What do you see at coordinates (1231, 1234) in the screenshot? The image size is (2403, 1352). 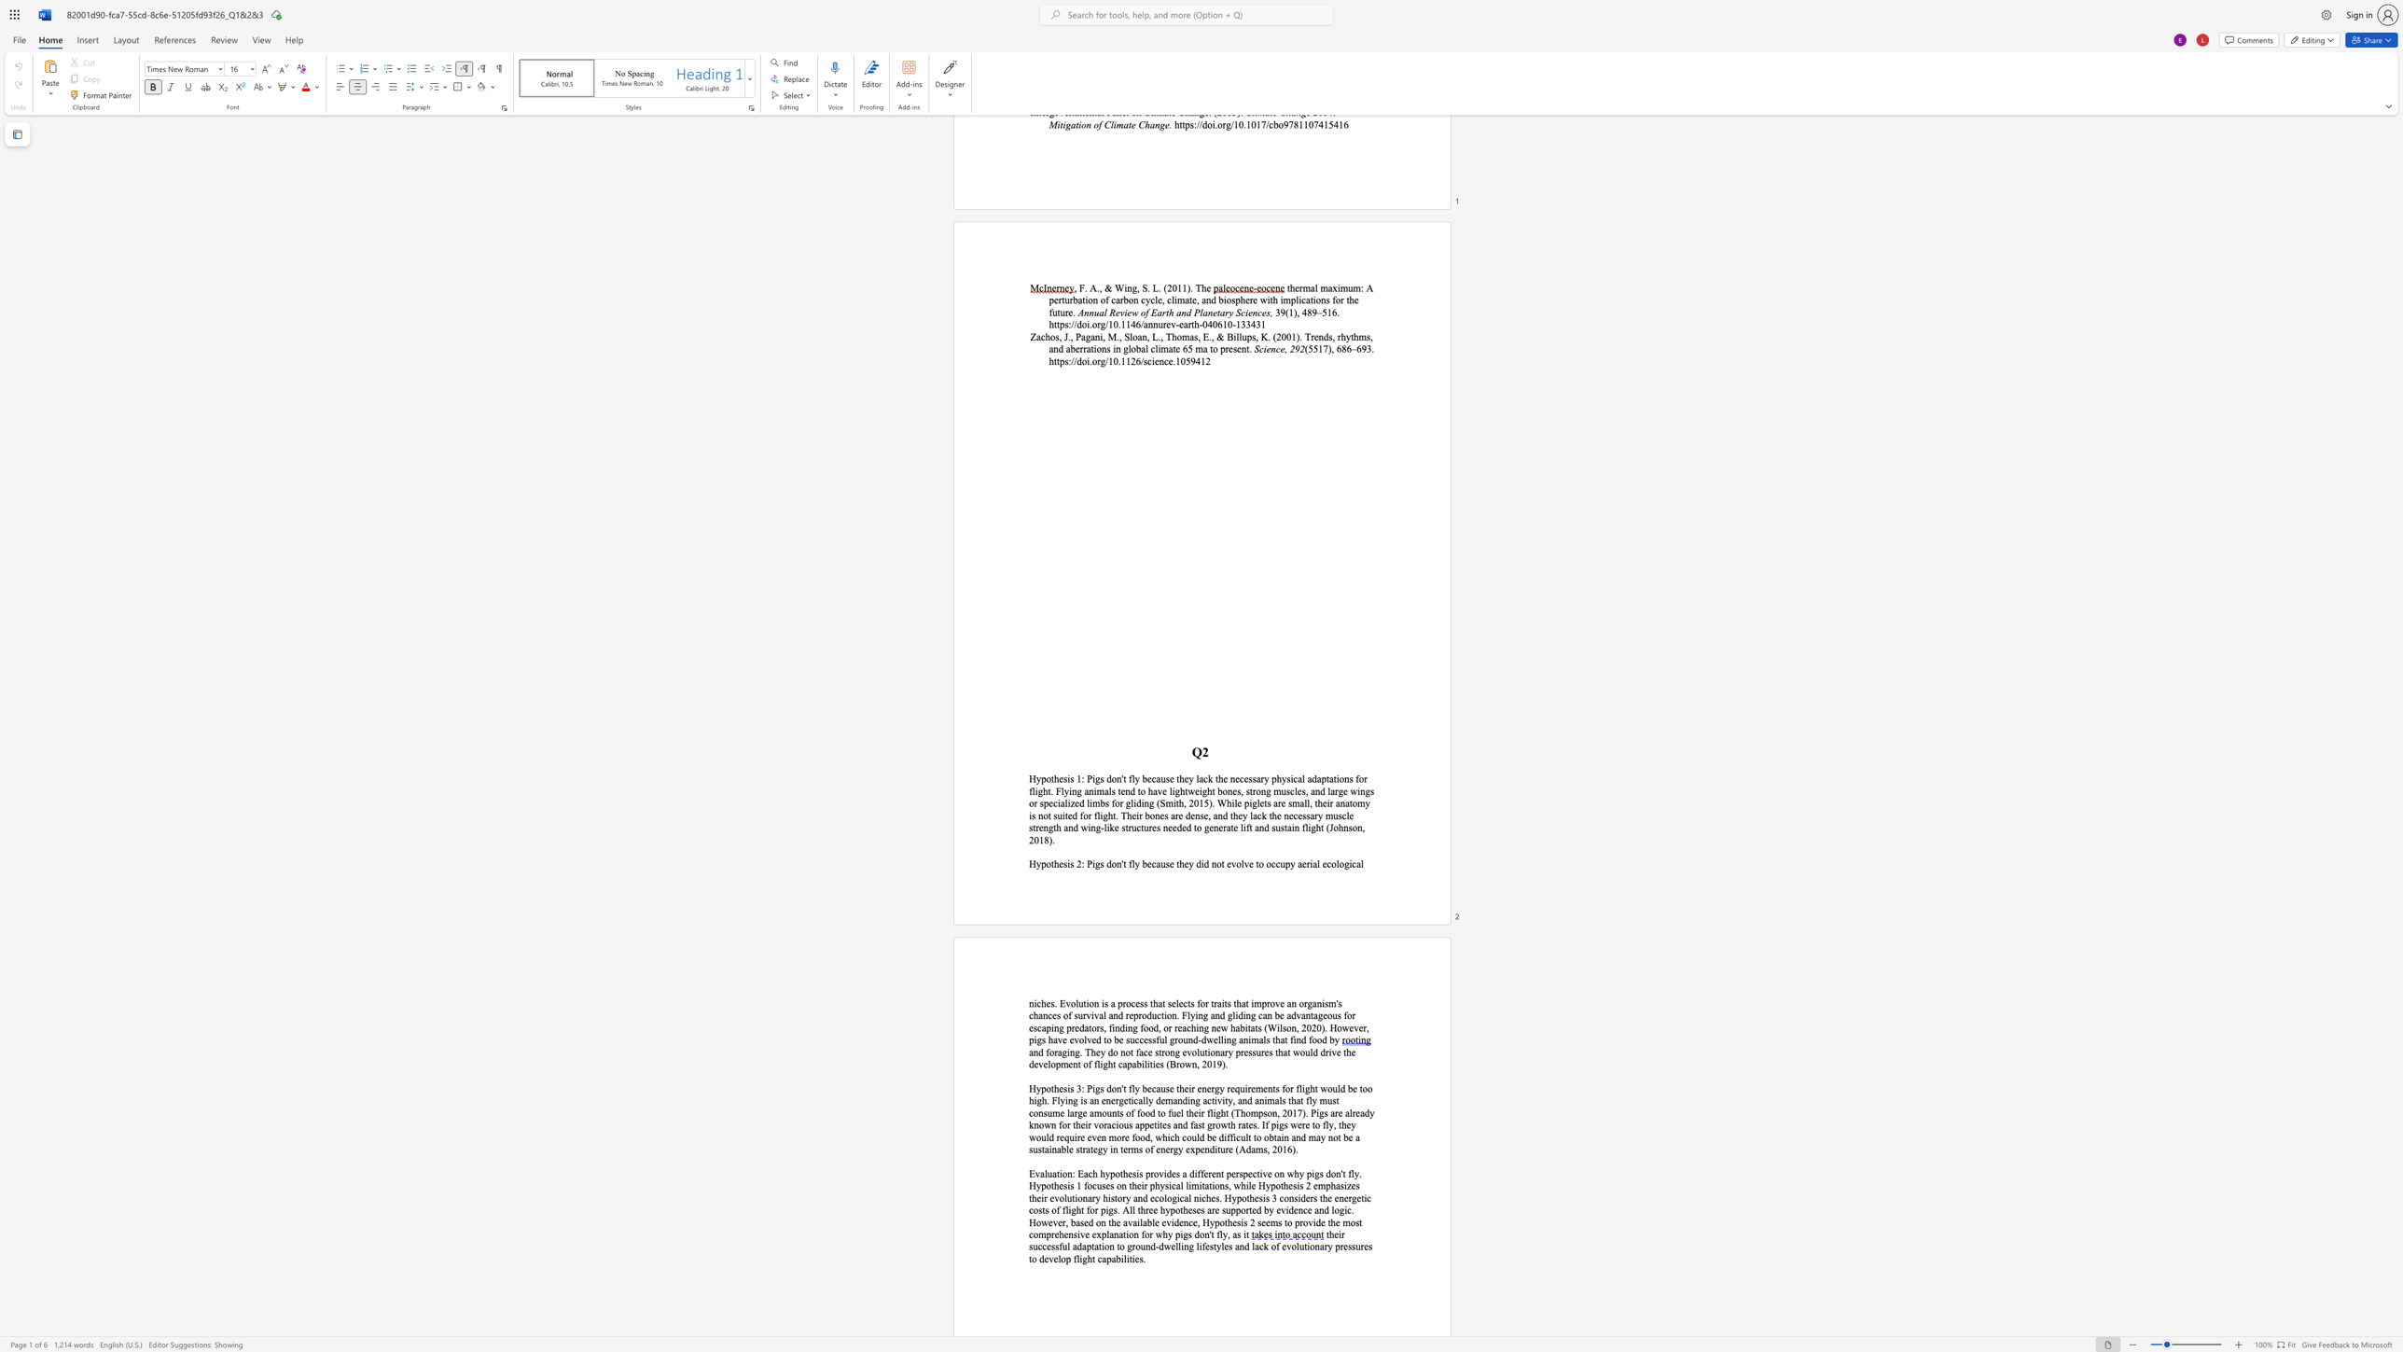 I see `the subset text "as" within the text "fly, as it"` at bounding box center [1231, 1234].